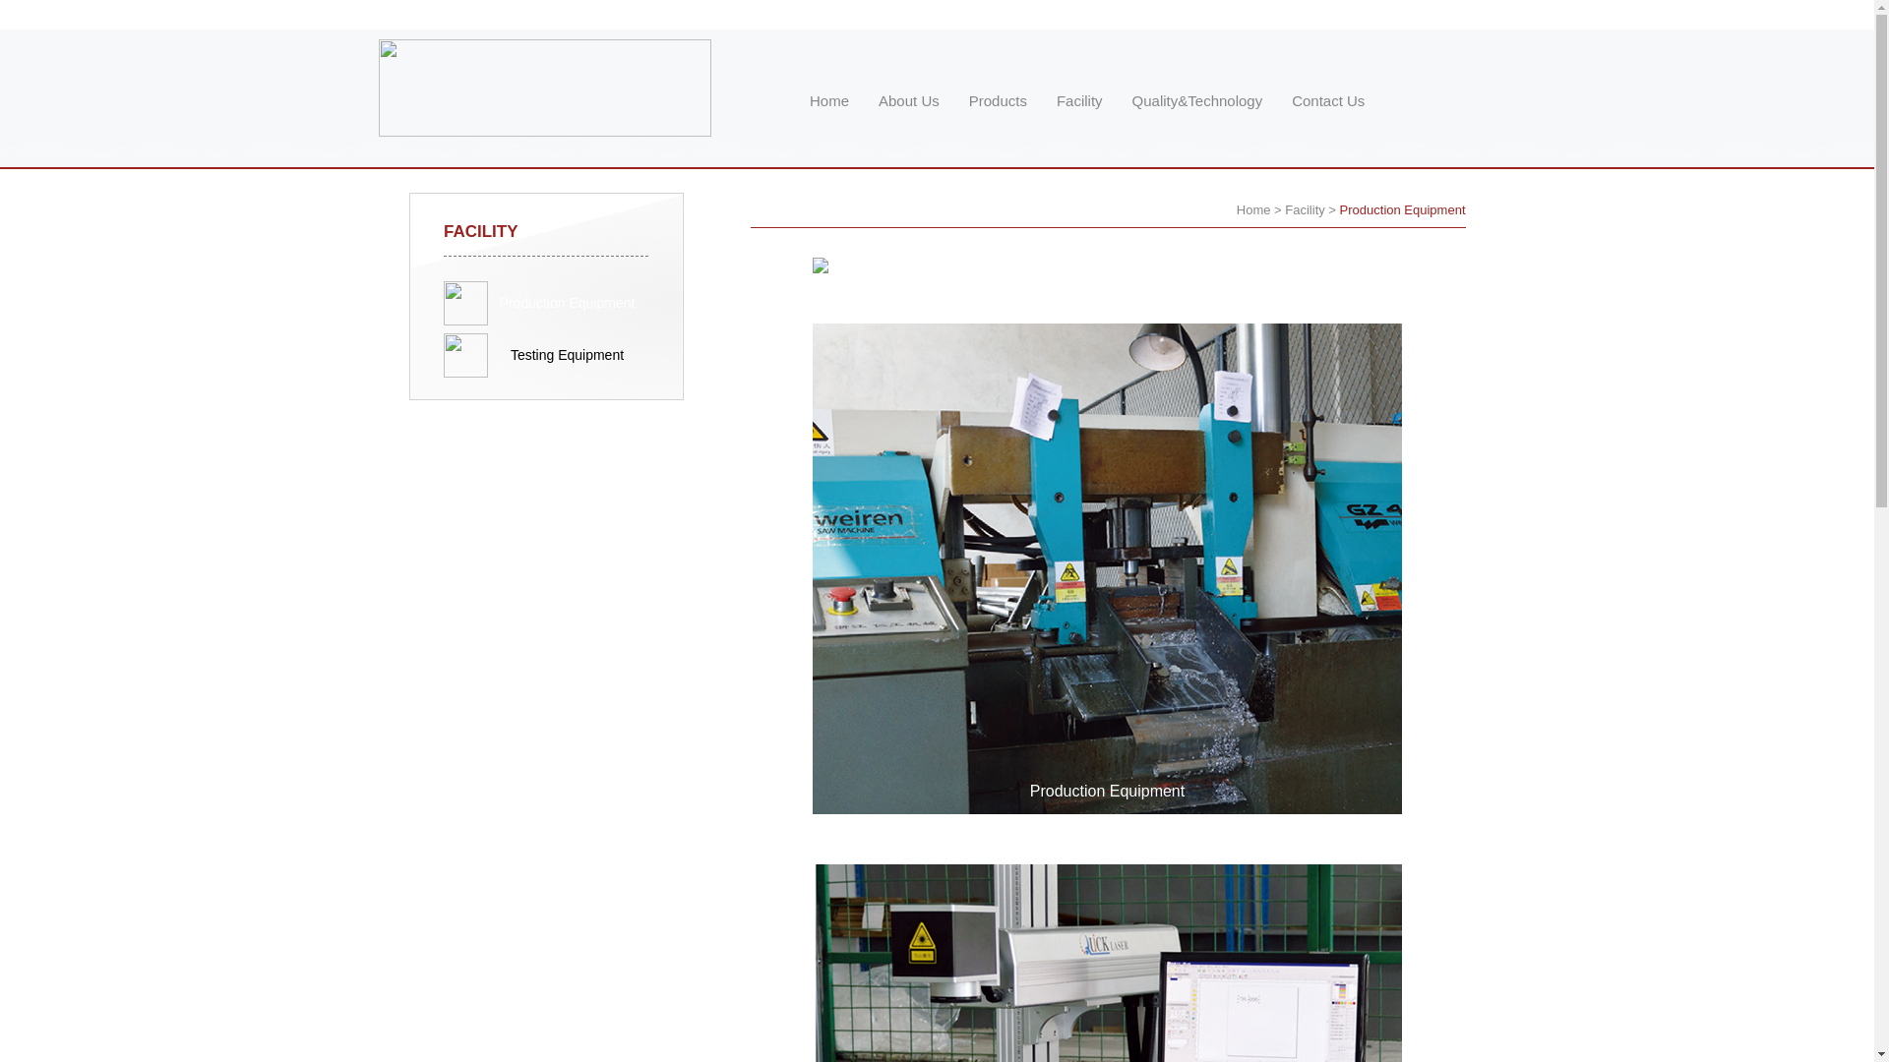 The image size is (1889, 1062). Describe the element at coordinates (1284, 209) in the screenshot. I see `'Facility'` at that location.